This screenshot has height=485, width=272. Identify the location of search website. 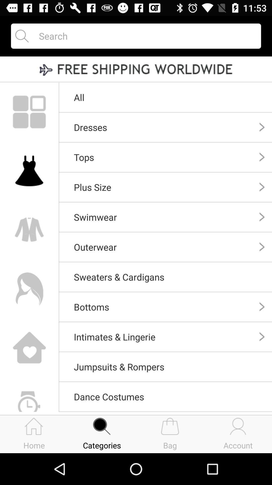
(145, 36).